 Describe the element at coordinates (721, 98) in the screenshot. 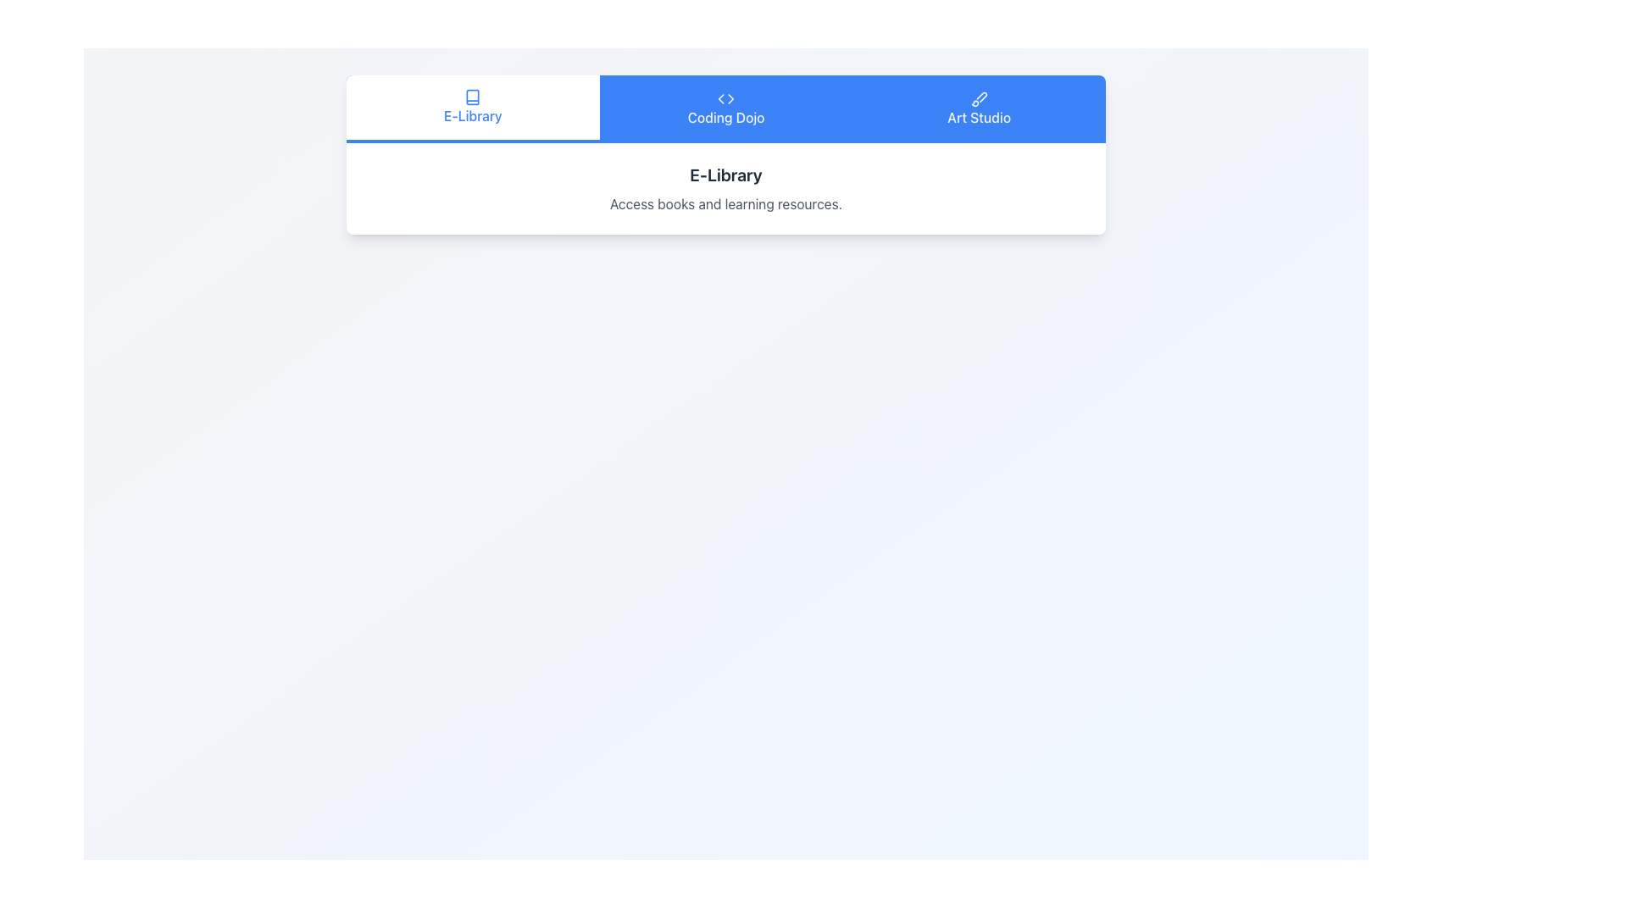

I see `the graphical icon representing the 'Coding Dojo' section in the horizontal navigation bar for additional UI feedback` at that location.